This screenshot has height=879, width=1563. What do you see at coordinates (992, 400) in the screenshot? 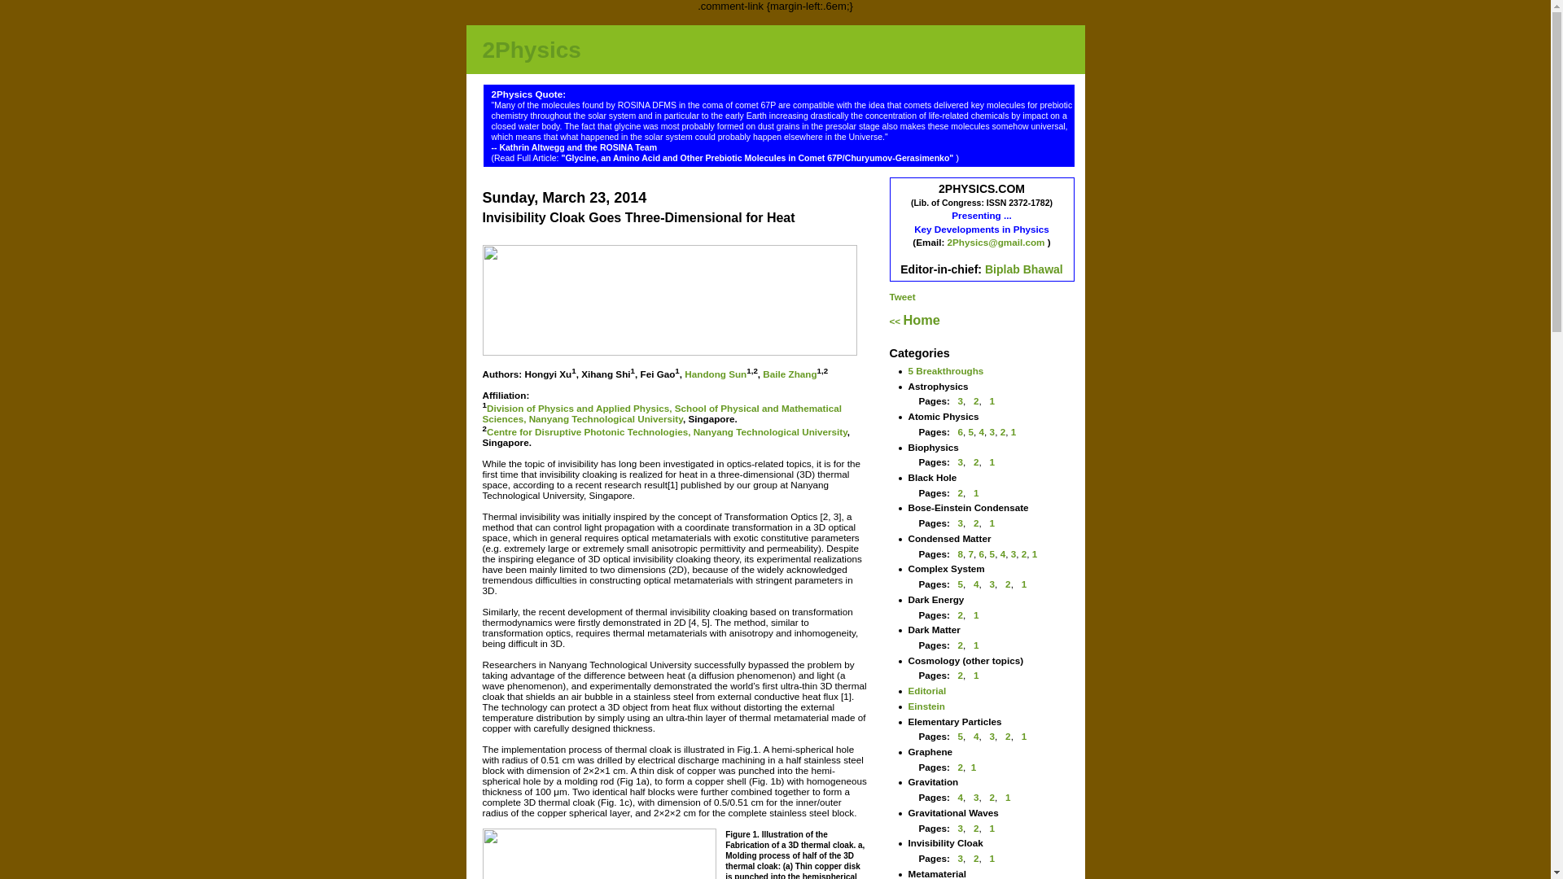
I see `'1'` at bounding box center [992, 400].